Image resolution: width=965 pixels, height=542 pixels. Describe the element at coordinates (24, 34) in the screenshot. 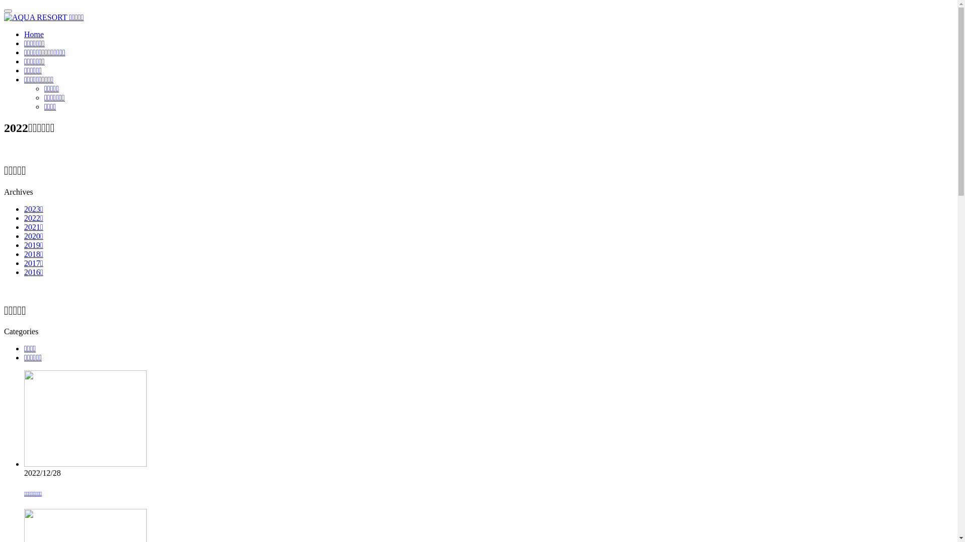

I see `'Home'` at that location.